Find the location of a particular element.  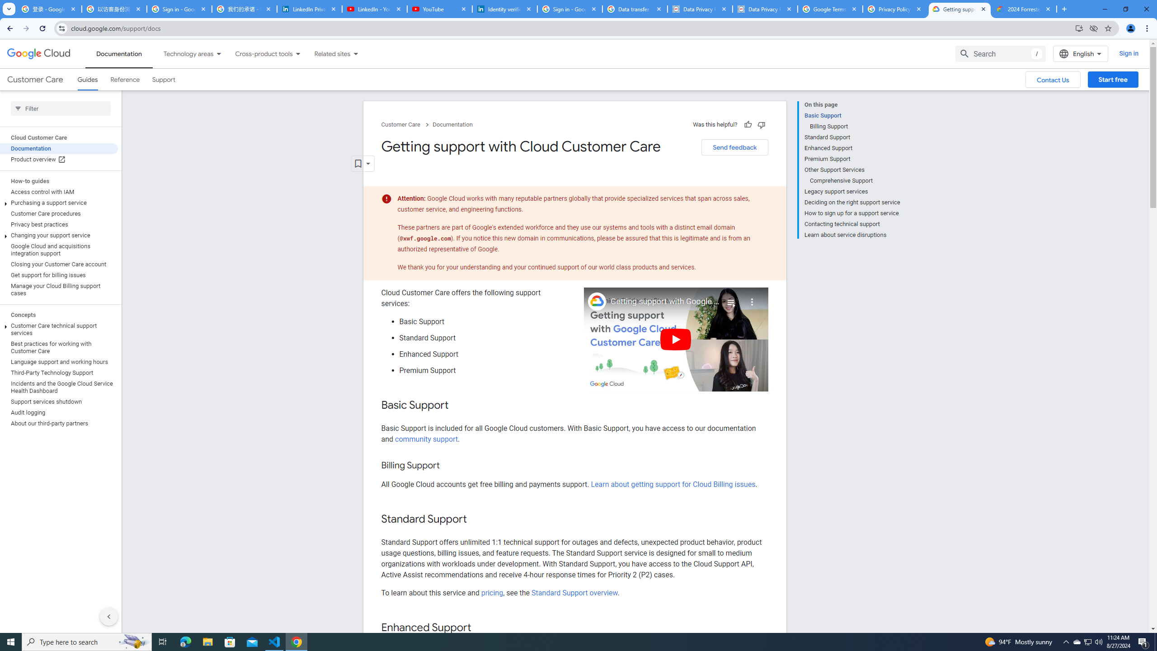

'Sign in' is located at coordinates (1128, 53).